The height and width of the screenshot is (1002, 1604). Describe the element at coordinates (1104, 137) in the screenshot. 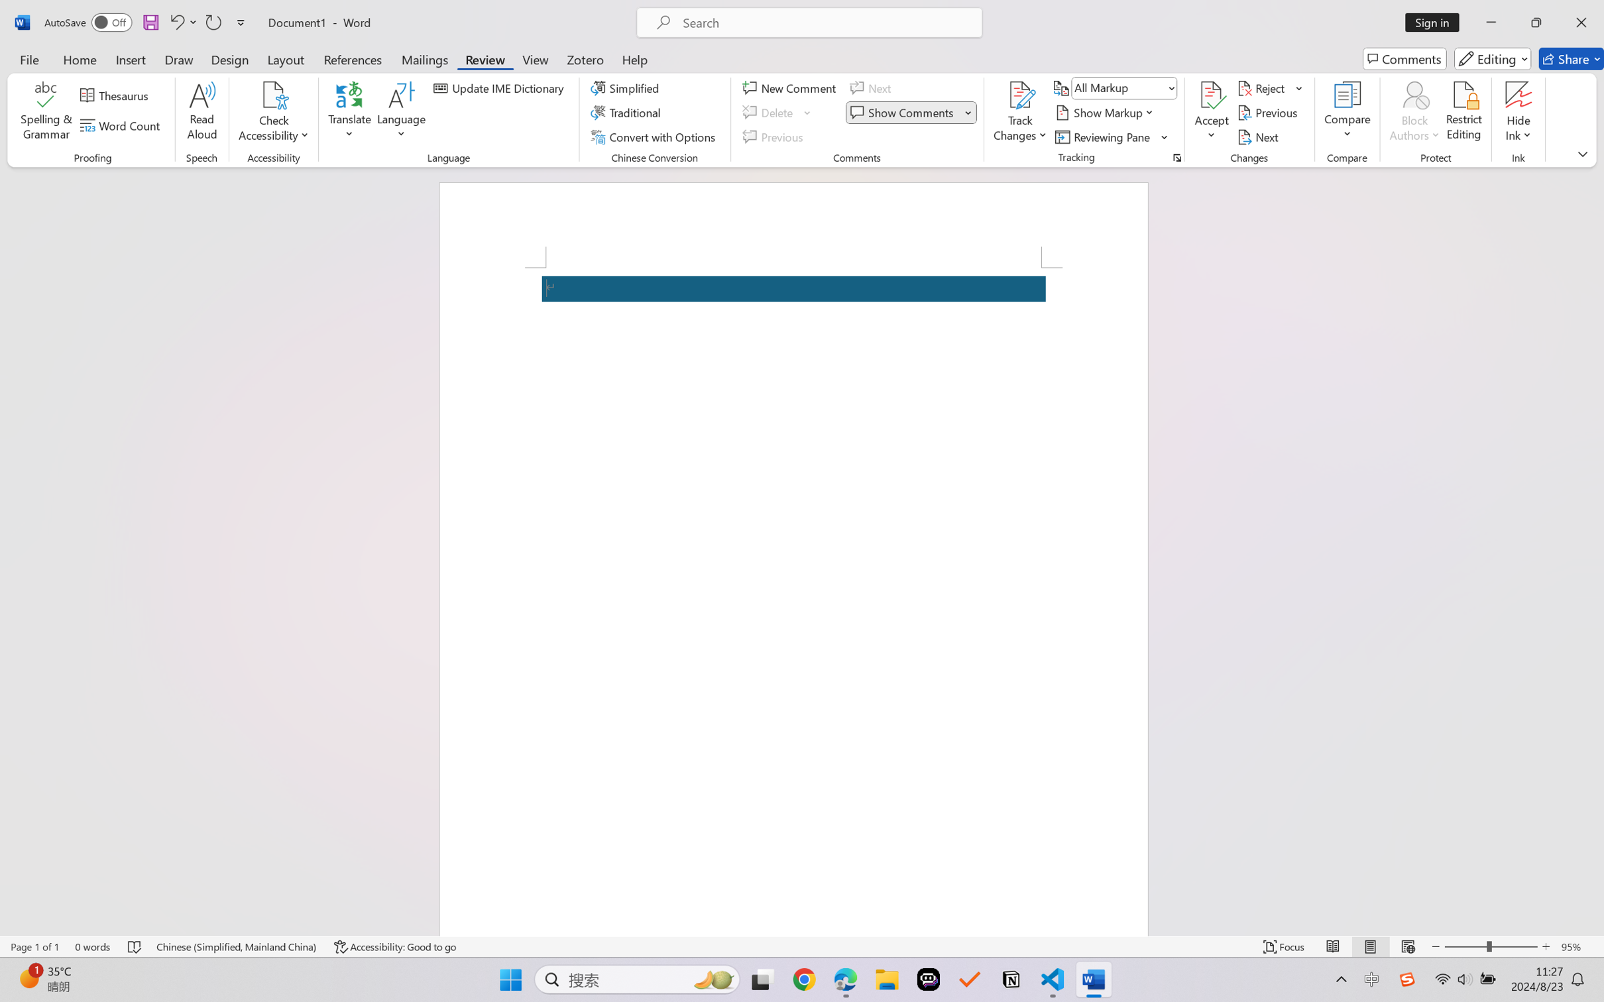

I see `'Reviewing Pane'` at that location.